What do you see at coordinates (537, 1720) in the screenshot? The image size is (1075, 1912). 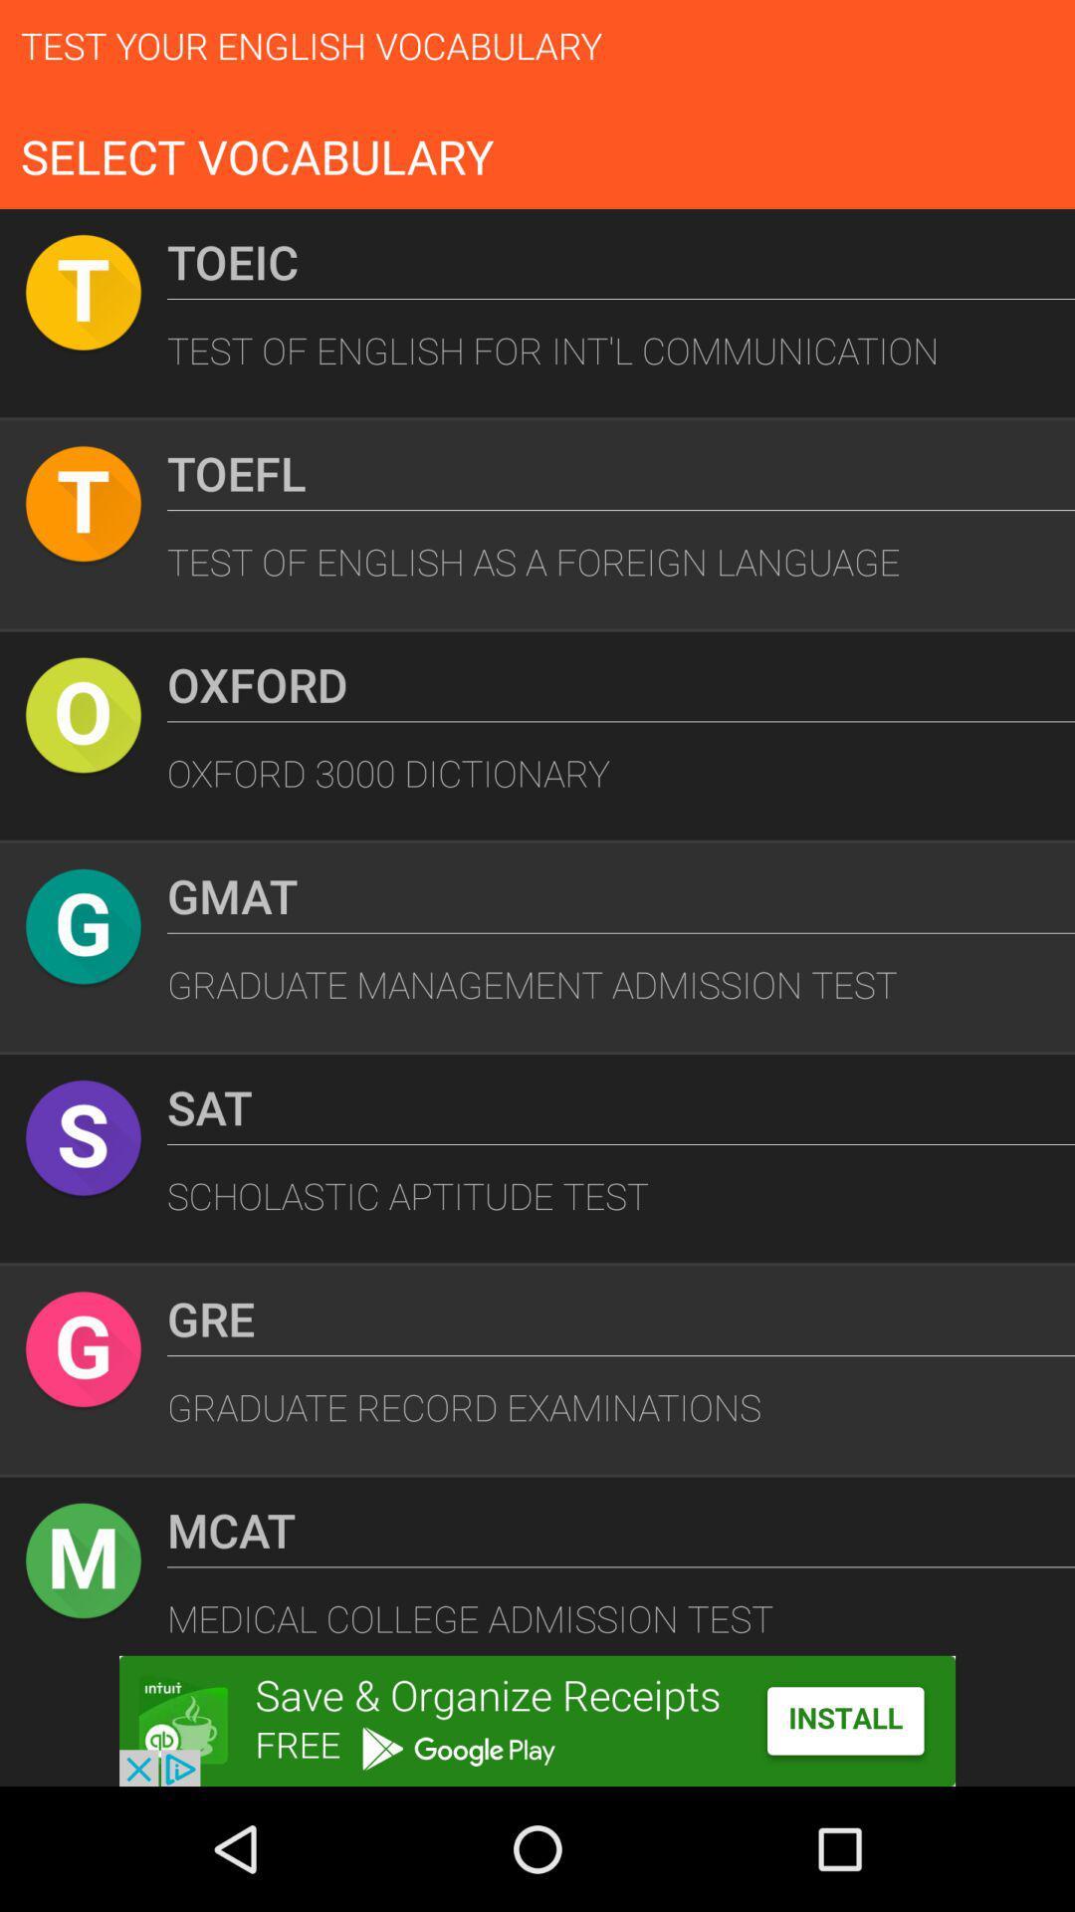 I see `install` at bounding box center [537, 1720].